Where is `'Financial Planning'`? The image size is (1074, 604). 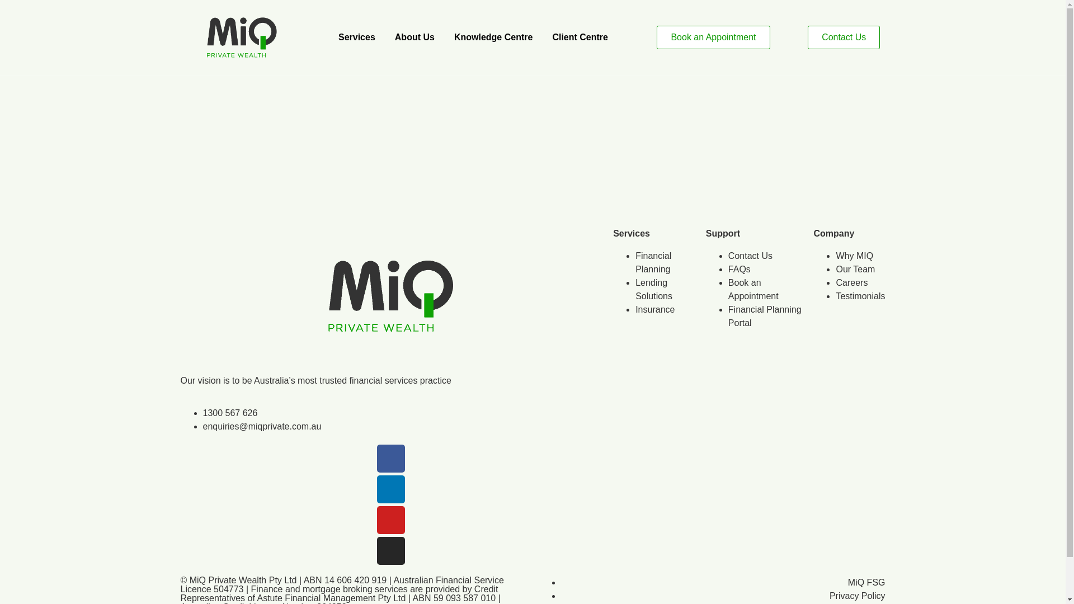 'Financial Planning' is located at coordinates (653, 262).